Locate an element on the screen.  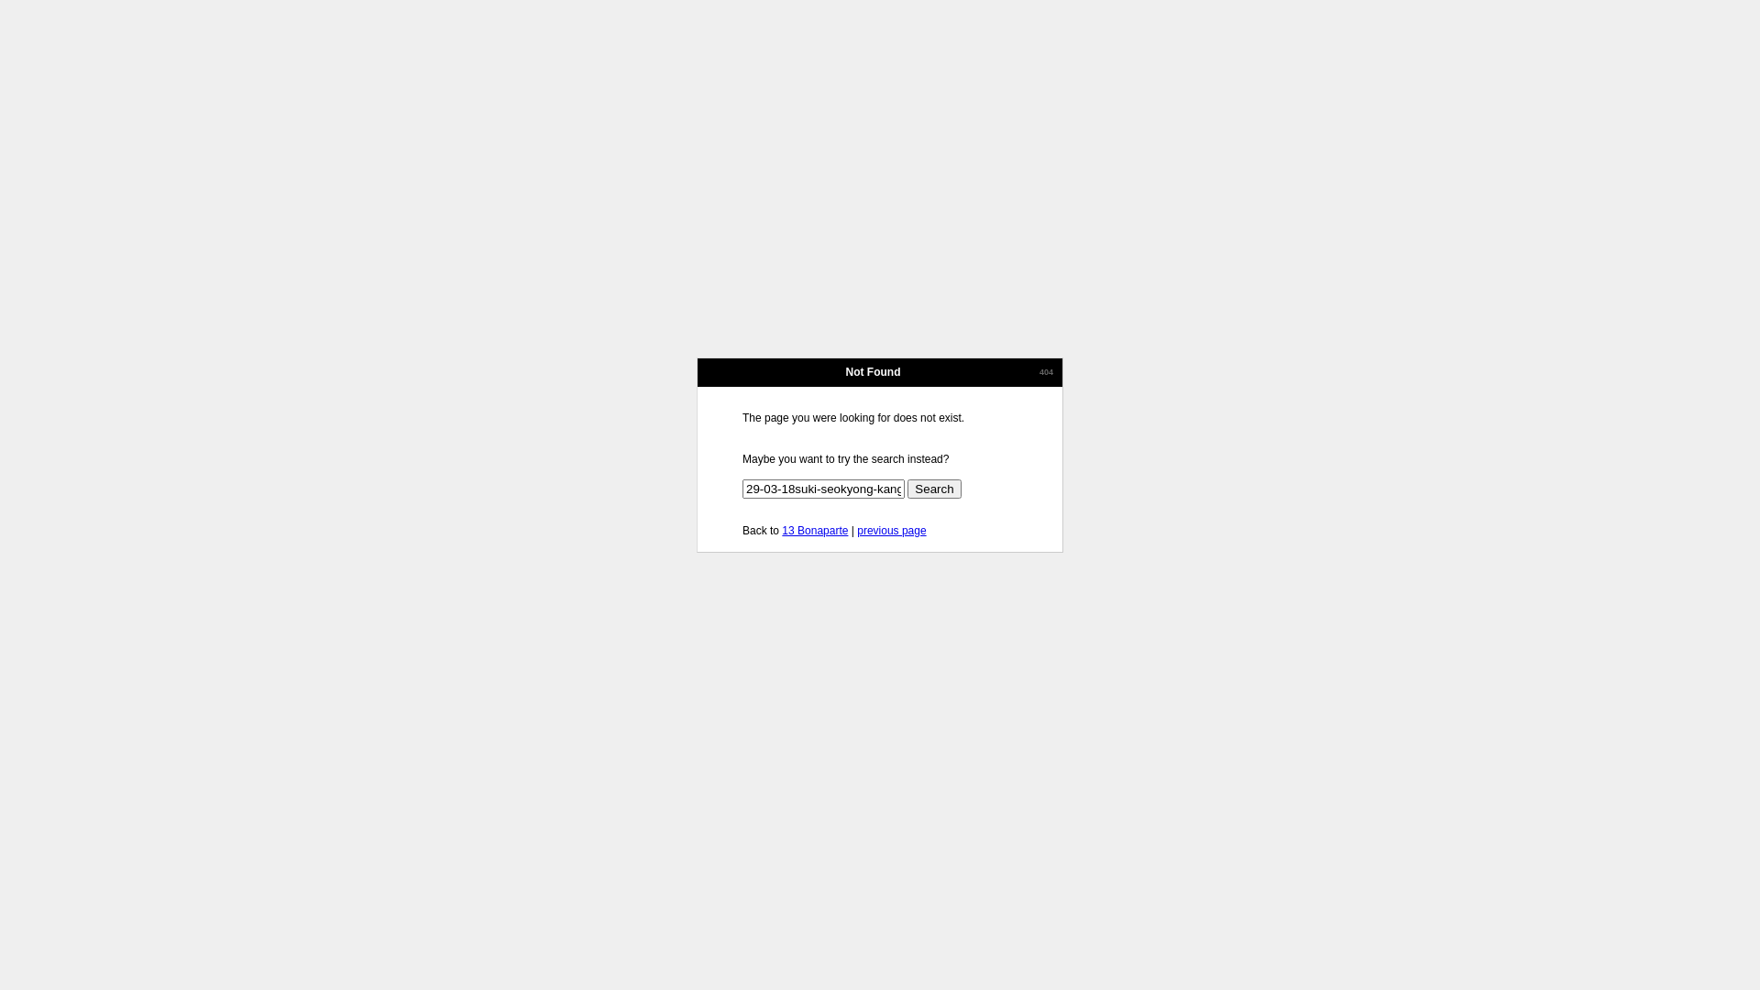
'previous page' is located at coordinates (891, 530).